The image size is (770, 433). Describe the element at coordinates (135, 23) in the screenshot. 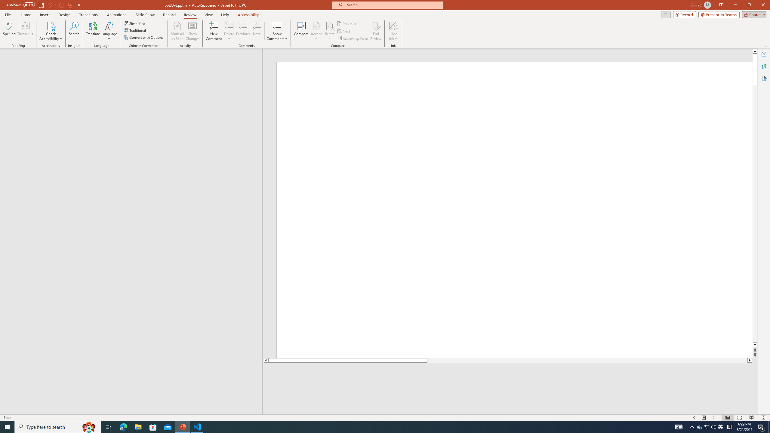

I see `'Simplified'` at that location.